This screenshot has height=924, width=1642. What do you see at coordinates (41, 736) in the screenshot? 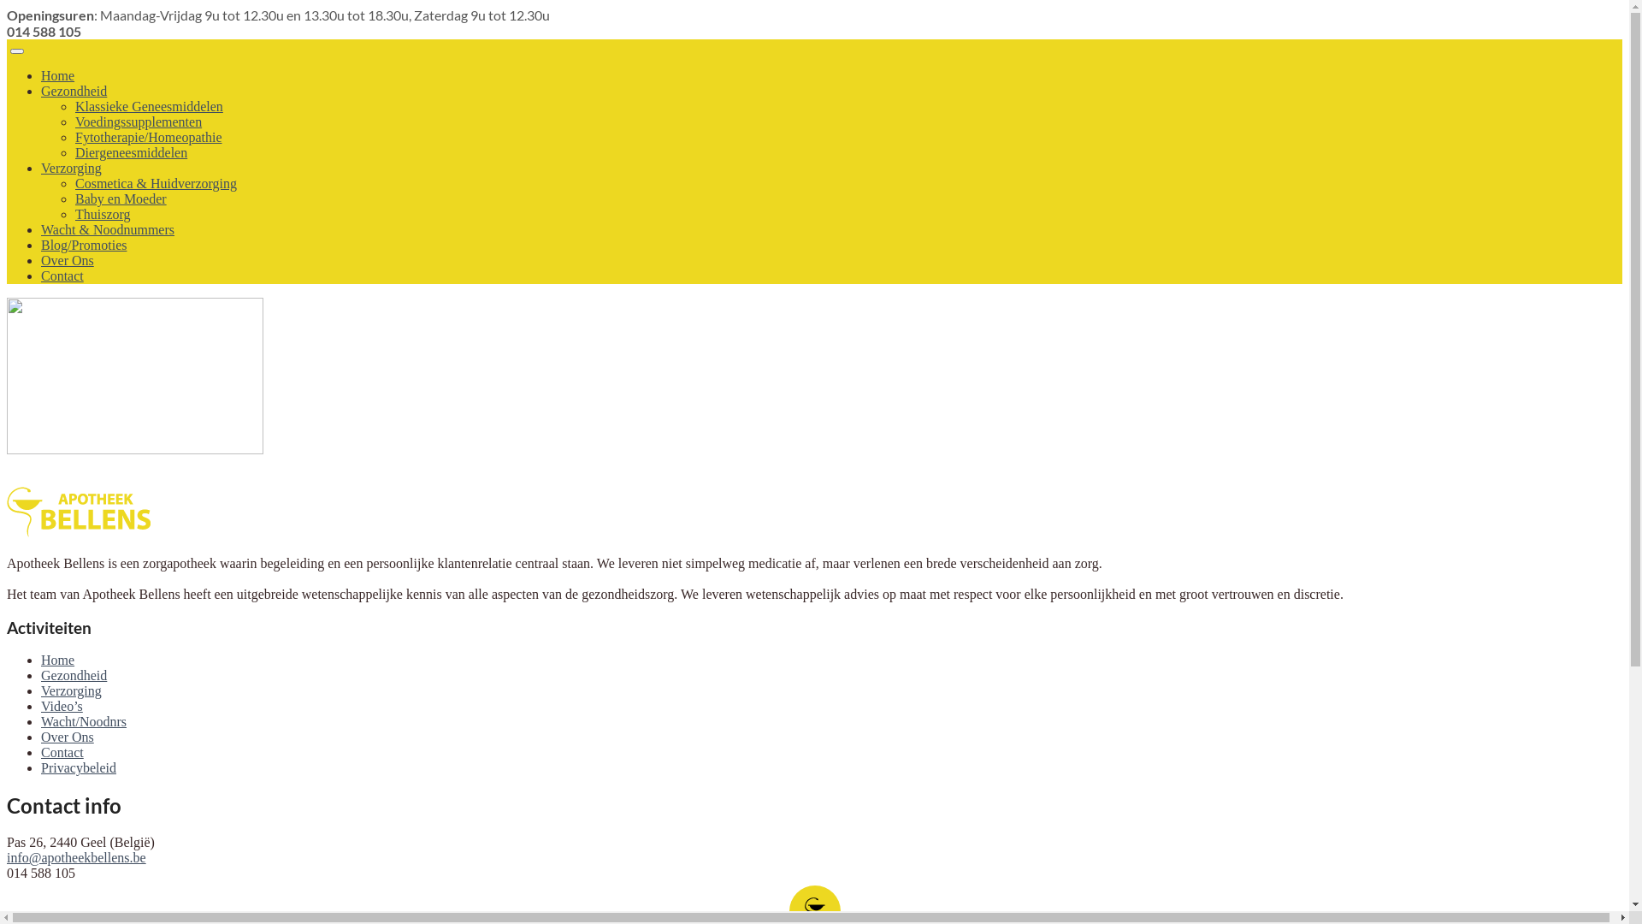
I see `'Over Ons'` at bounding box center [41, 736].